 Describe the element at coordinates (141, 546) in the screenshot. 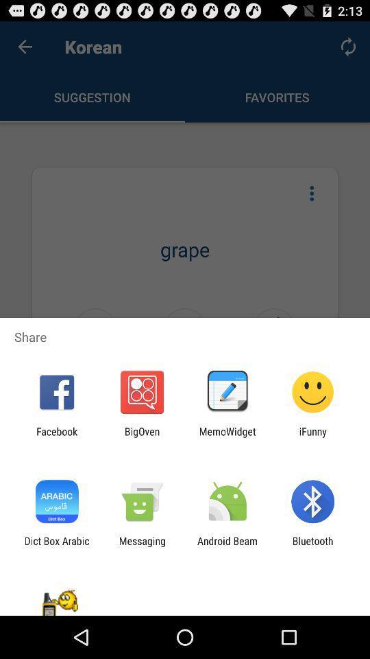

I see `the icon to the right of the dict box arabic app` at that location.